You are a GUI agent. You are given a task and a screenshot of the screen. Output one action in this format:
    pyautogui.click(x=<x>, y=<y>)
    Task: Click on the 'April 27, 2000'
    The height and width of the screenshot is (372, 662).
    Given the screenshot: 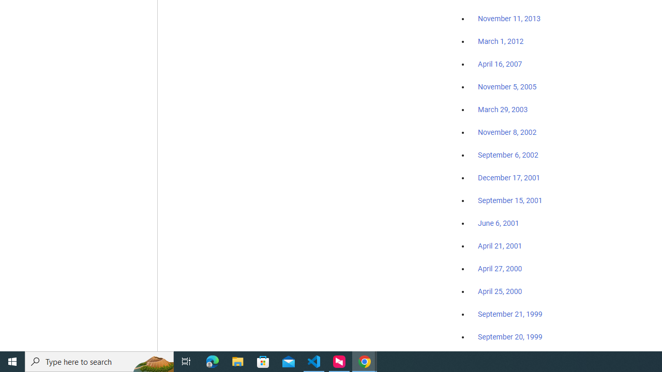 What is the action you would take?
    pyautogui.click(x=500, y=268)
    